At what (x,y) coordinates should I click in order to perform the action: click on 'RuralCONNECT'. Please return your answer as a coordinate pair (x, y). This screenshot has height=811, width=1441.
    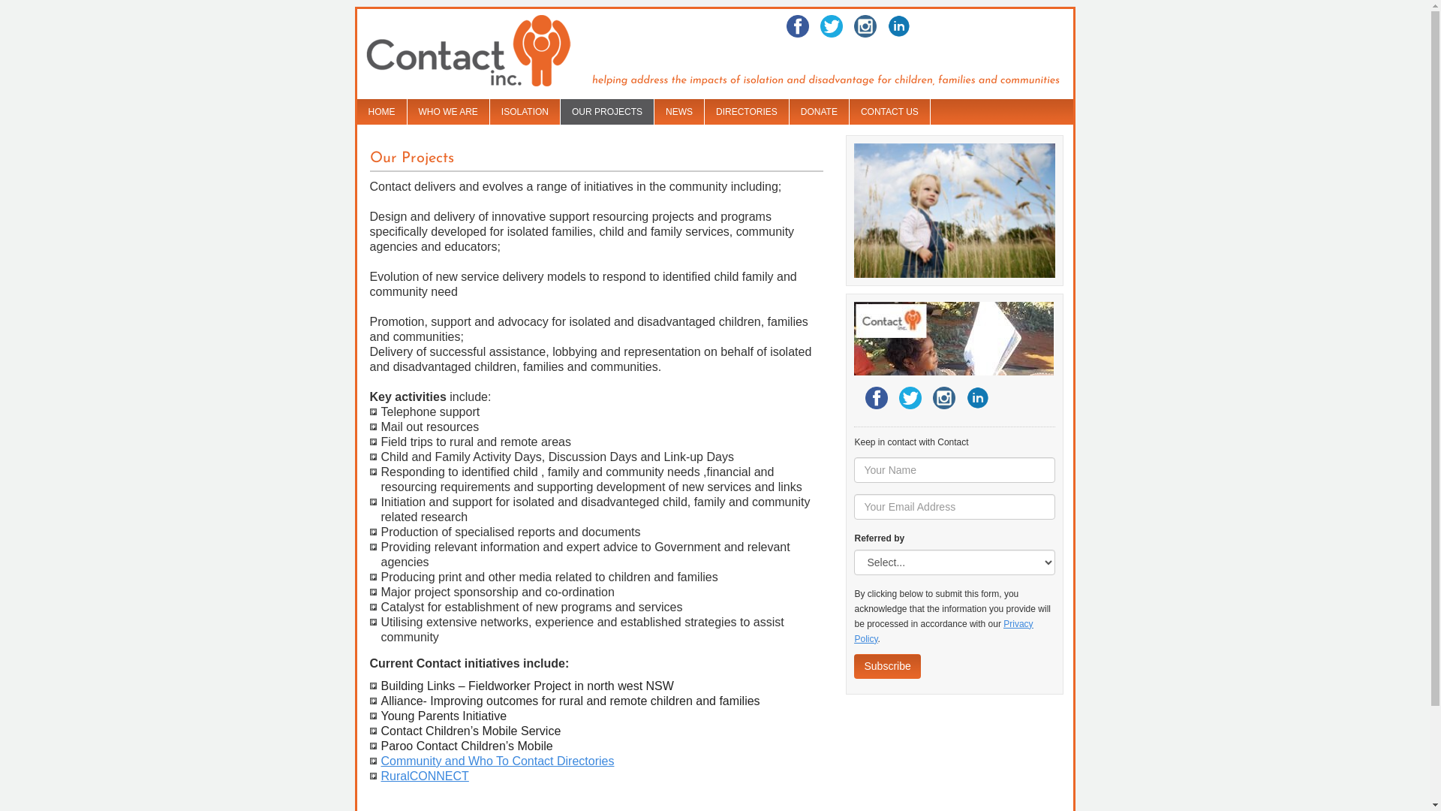
    Looking at the image, I should click on (424, 776).